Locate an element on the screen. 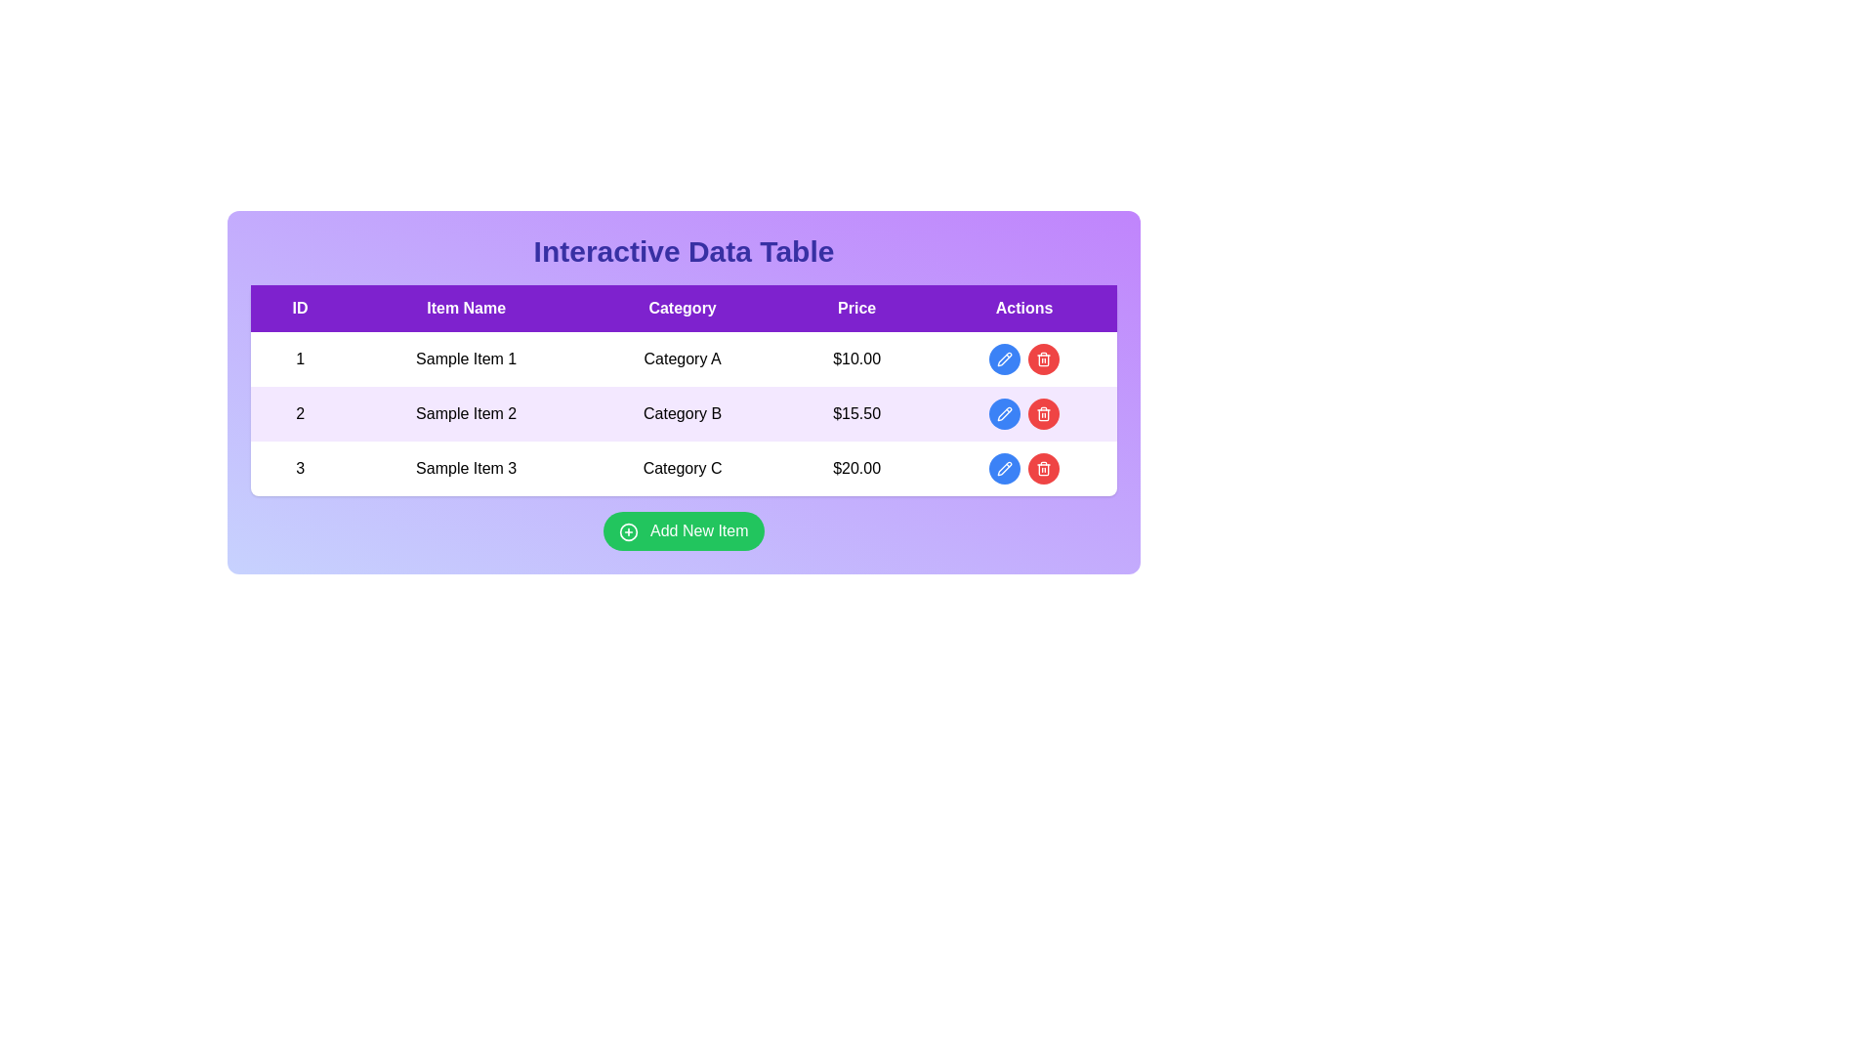 The width and height of the screenshot is (1875, 1055). value displayed in the Text Label indicating the price, which shows as '$10.00' in black text on a white background, located in the 'Price' column of the first item in the table is located at coordinates (856, 359).